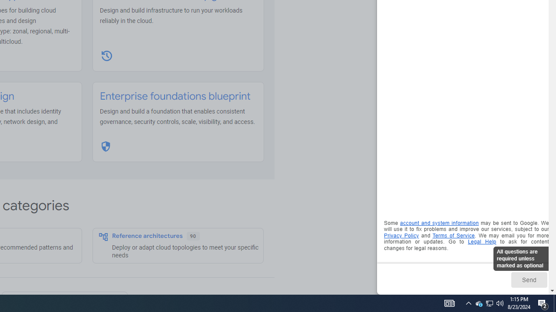  I want to click on 'Opens in a new tab. Privacy Policy', so click(401, 235).